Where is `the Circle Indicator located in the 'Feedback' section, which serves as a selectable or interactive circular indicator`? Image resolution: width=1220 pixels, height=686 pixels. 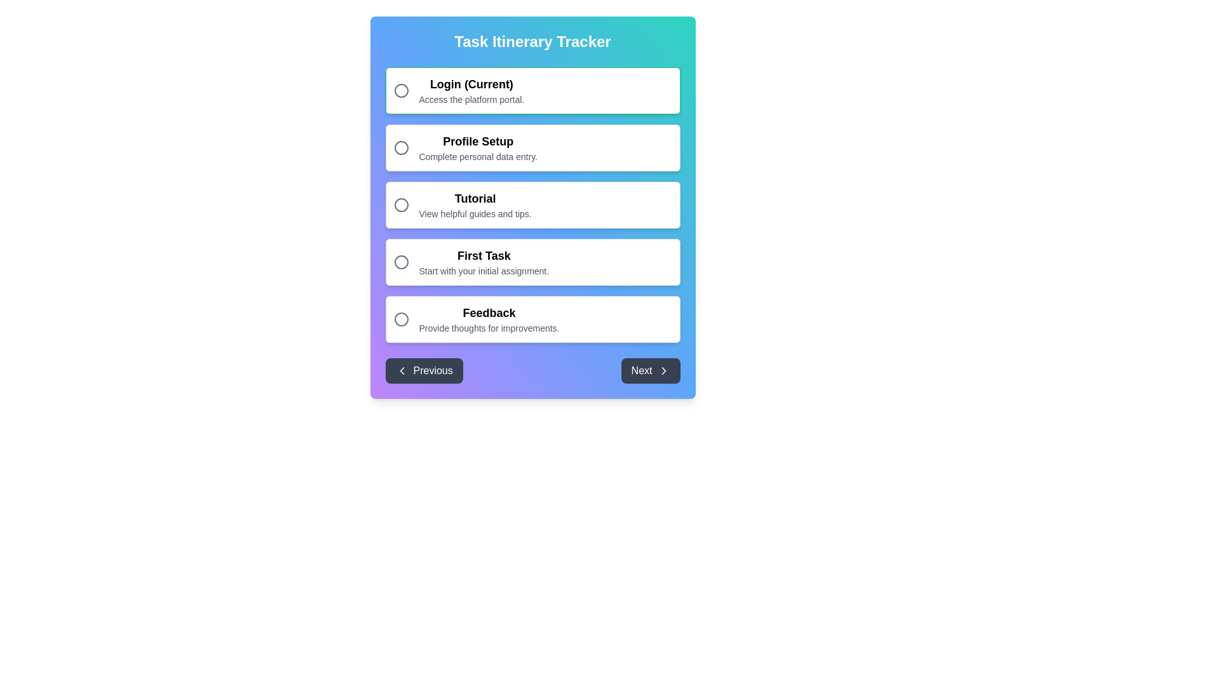 the Circle Indicator located in the 'Feedback' section, which serves as a selectable or interactive circular indicator is located at coordinates (400, 318).